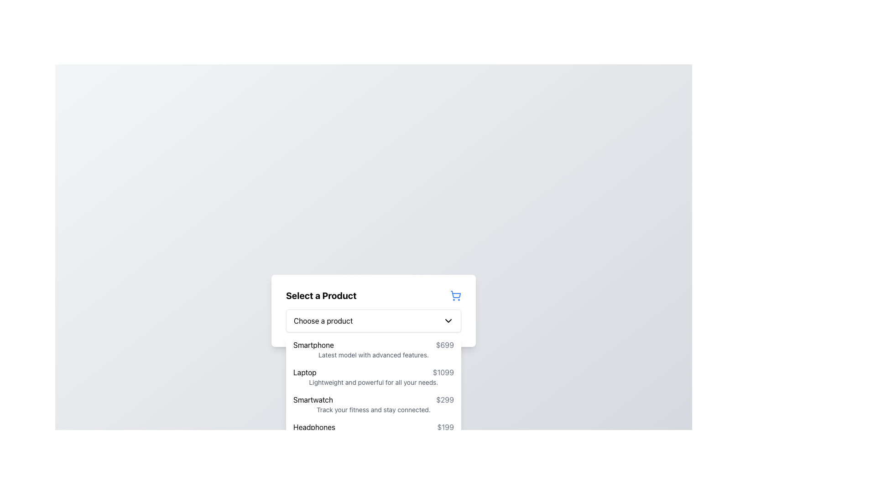 This screenshot has height=493, width=876. What do you see at coordinates (443, 372) in the screenshot?
I see `displayed price of the "Laptop" item in the dropdown selection list, which is represented by the Text Label positioned to the right of the "Laptop" text` at bounding box center [443, 372].